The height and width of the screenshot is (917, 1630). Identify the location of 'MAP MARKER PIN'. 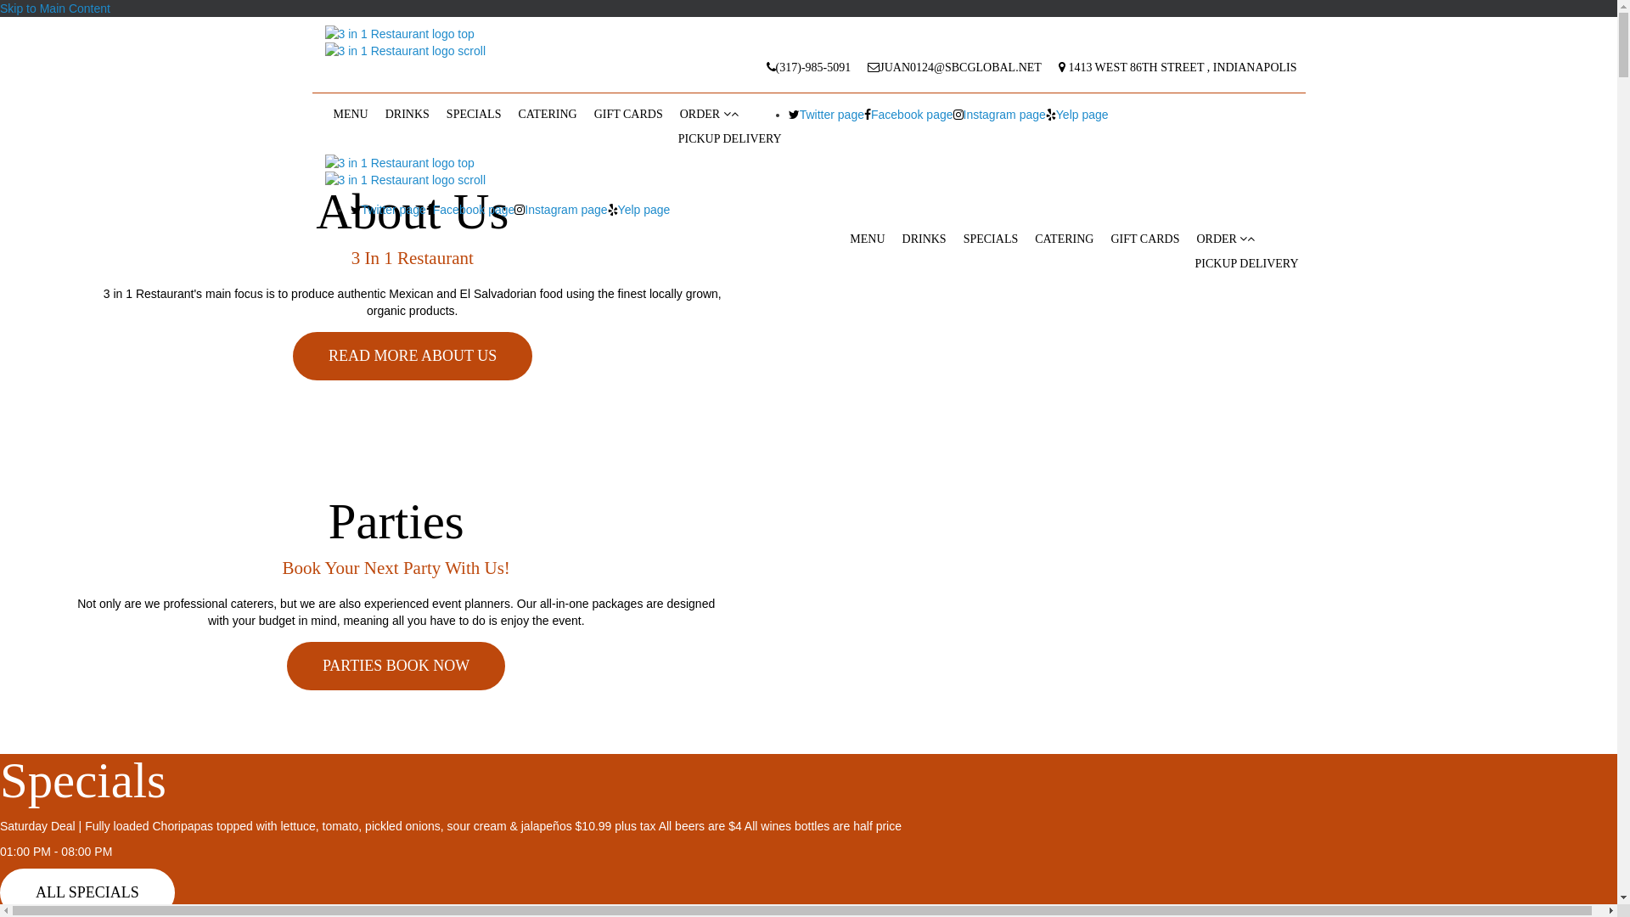
(619, 73).